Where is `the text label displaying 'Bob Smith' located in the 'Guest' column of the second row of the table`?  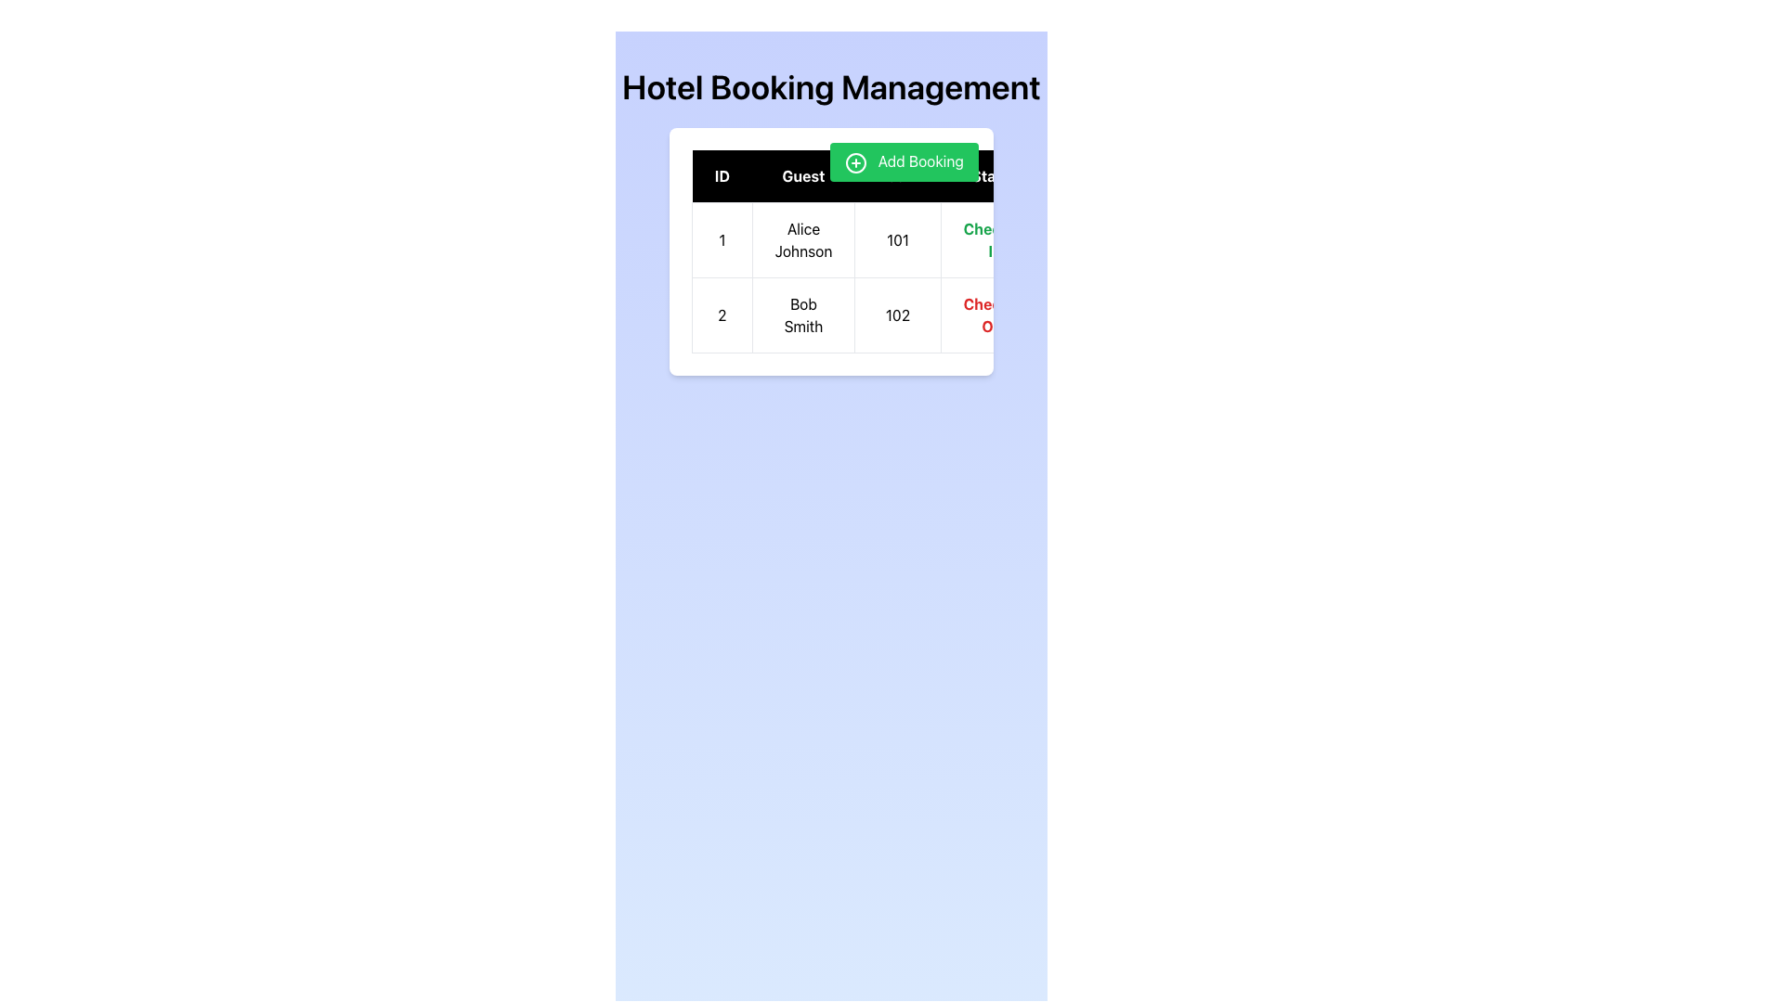 the text label displaying 'Bob Smith' located in the 'Guest' column of the second row of the table is located at coordinates (803, 314).